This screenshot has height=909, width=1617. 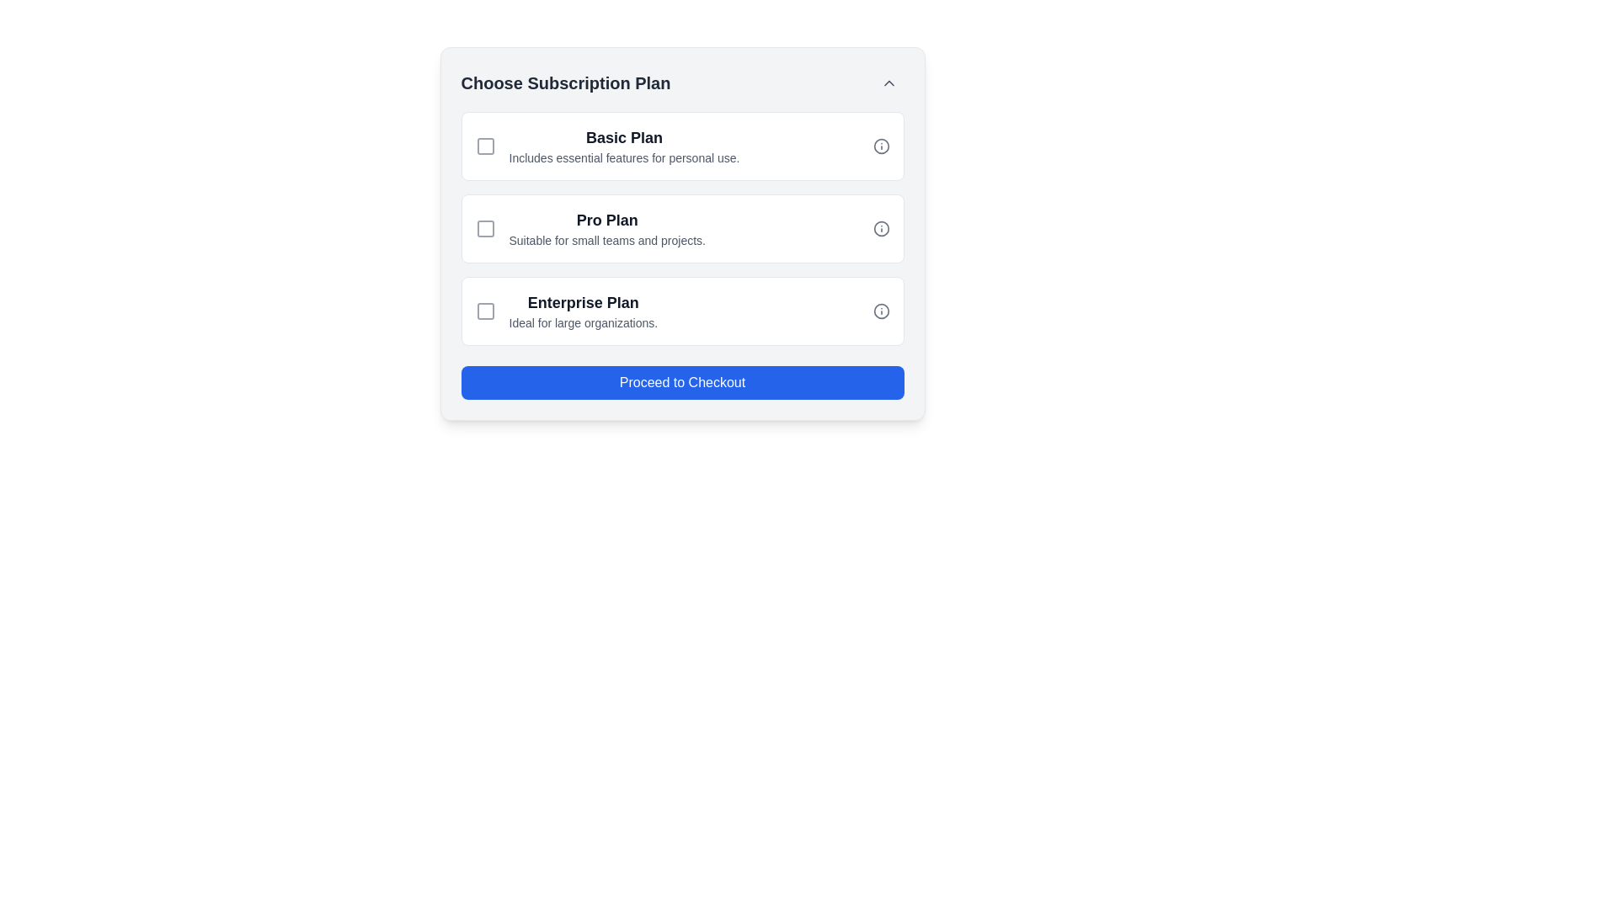 What do you see at coordinates (484, 145) in the screenshot?
I see `the 'Basic Plan' checkbox by` at bounding box center [484, 145].